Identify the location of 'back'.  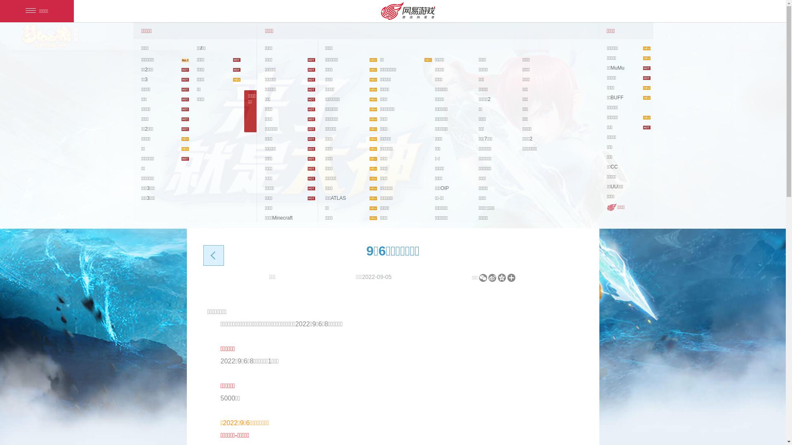
(214, 256).